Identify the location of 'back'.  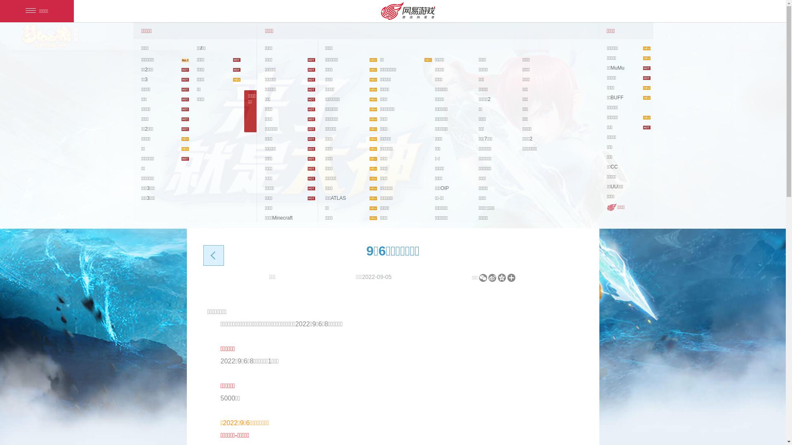
(214, 256).